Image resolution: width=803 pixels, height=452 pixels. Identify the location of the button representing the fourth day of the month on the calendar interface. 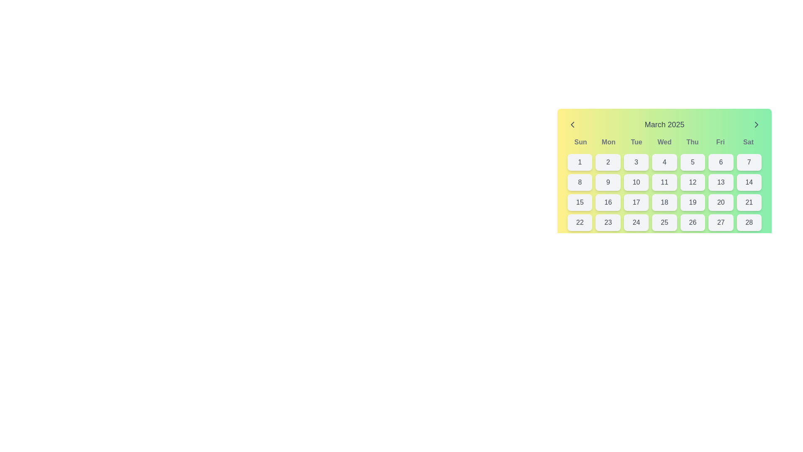
(664, 162).